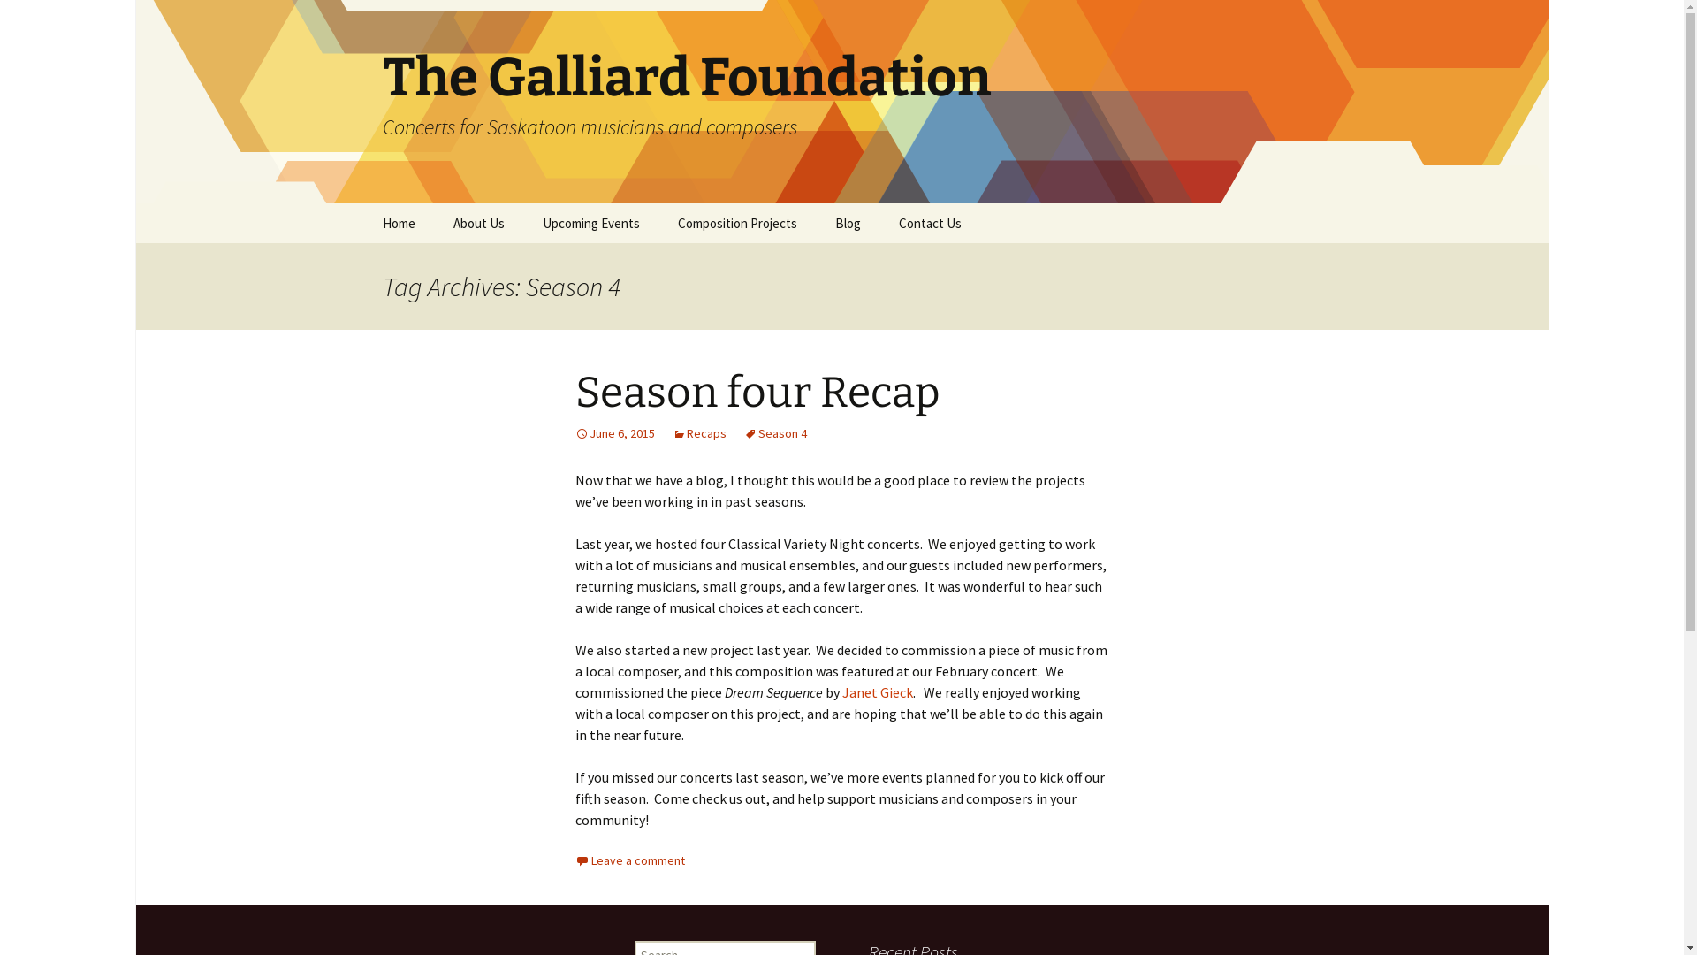 This screenshot has height=955, width=1697. I want to click on 'Season 4', so click(775, 432).